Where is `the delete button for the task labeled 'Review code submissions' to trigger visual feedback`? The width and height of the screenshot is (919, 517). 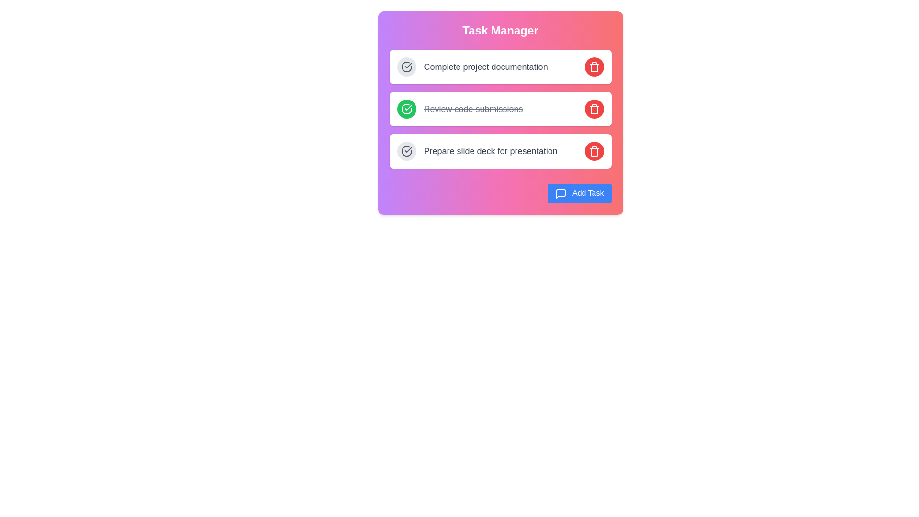 the delete button for the task labeled 'Review code submissions' to trigger visual feedback is located at coordinates (594, 108).